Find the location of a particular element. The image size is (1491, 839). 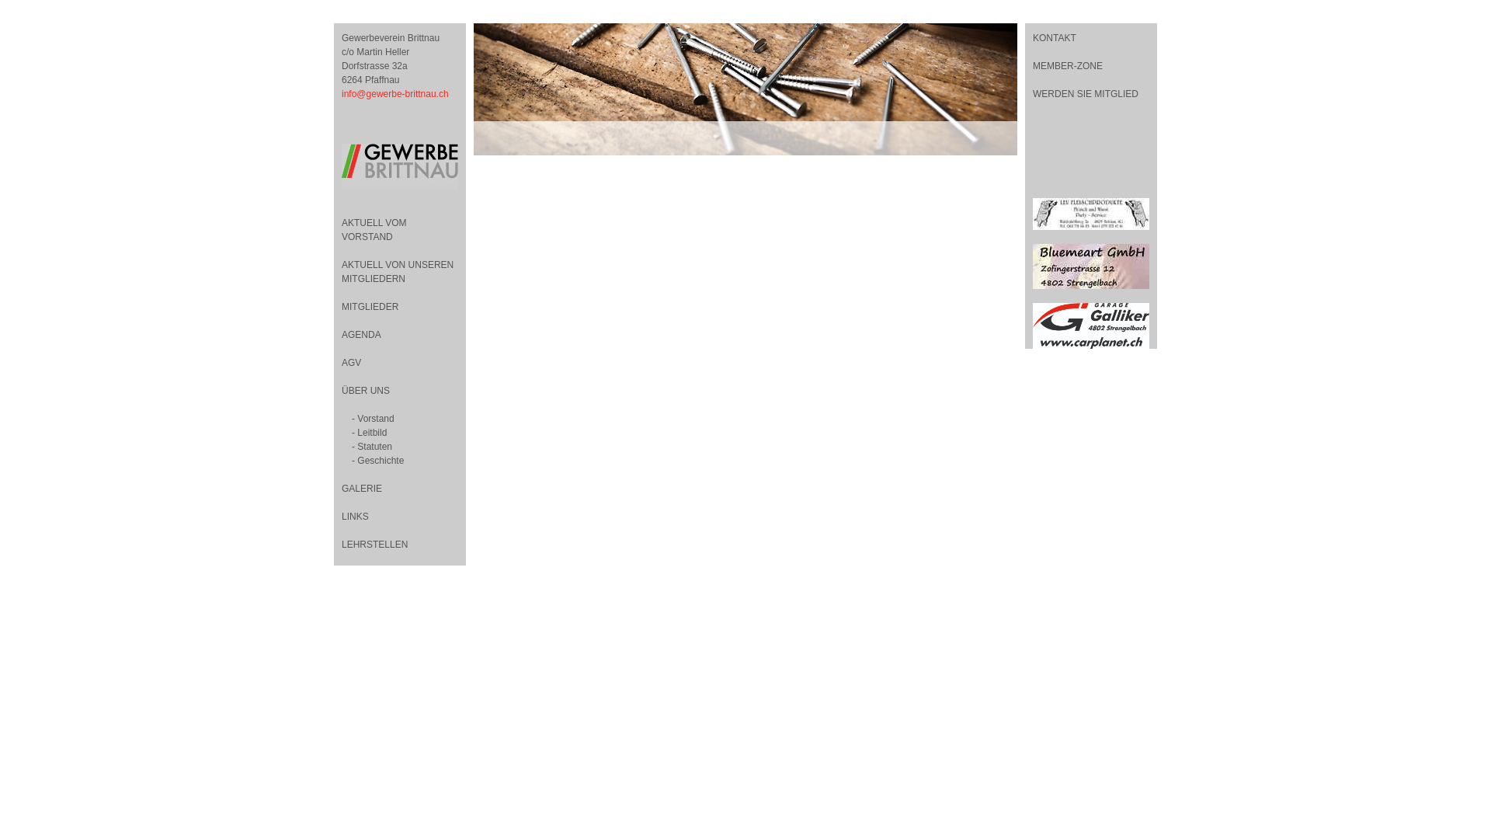

'KONTAKT' is located at coordinates (1090, 37).